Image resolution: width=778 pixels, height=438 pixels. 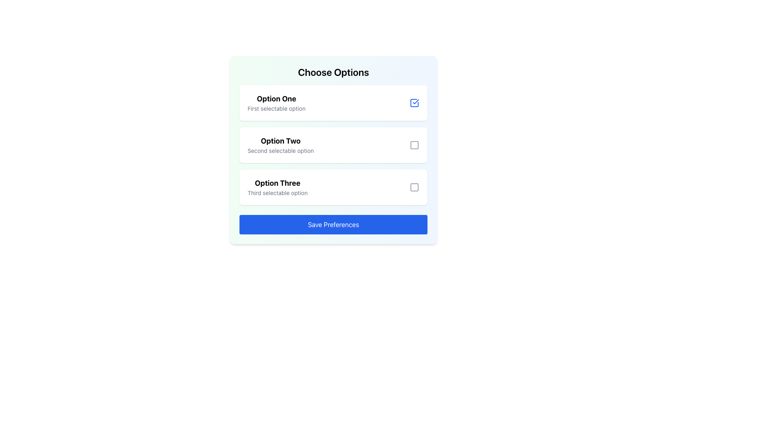 I want to click on the Decorative Icon or Indicator located to the right of the 'Option Two' label in the second row of the interface, so click(x=414, y=145).